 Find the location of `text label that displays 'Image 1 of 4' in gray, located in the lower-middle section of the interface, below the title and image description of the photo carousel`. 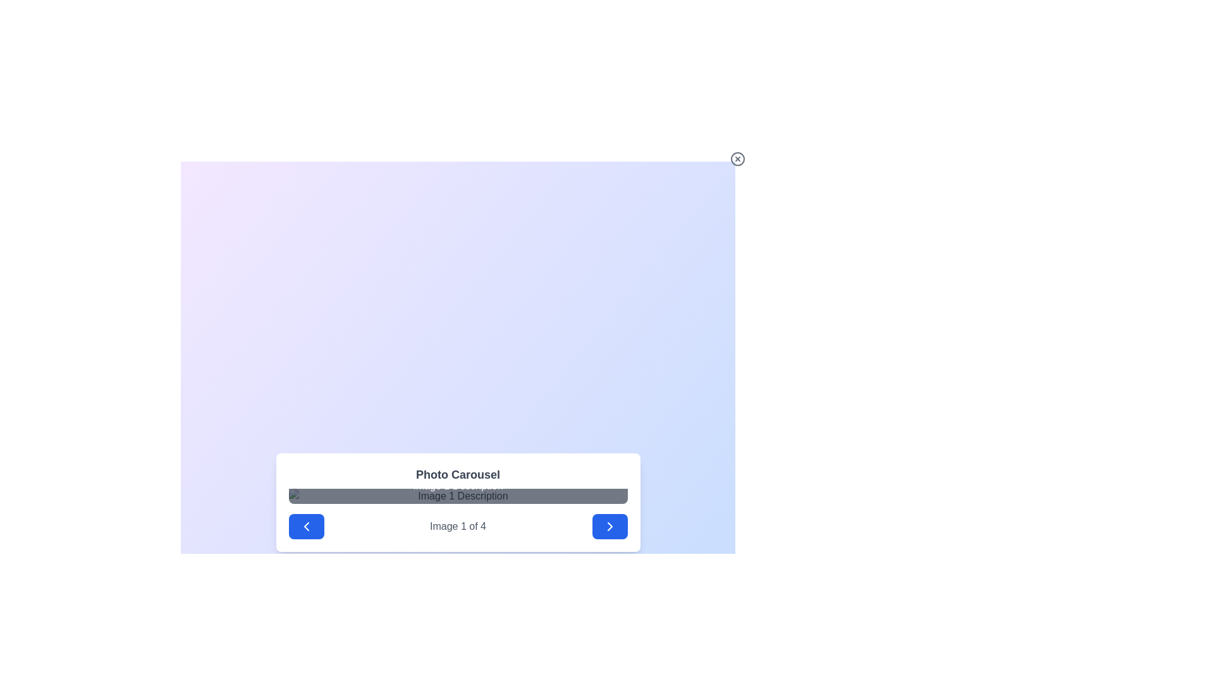

text label that displays 'Image 1 of 4' in gray, located in the lower-middle section of the interface, below the title and image description of the photo carousel is located at coordinates (457, 526).